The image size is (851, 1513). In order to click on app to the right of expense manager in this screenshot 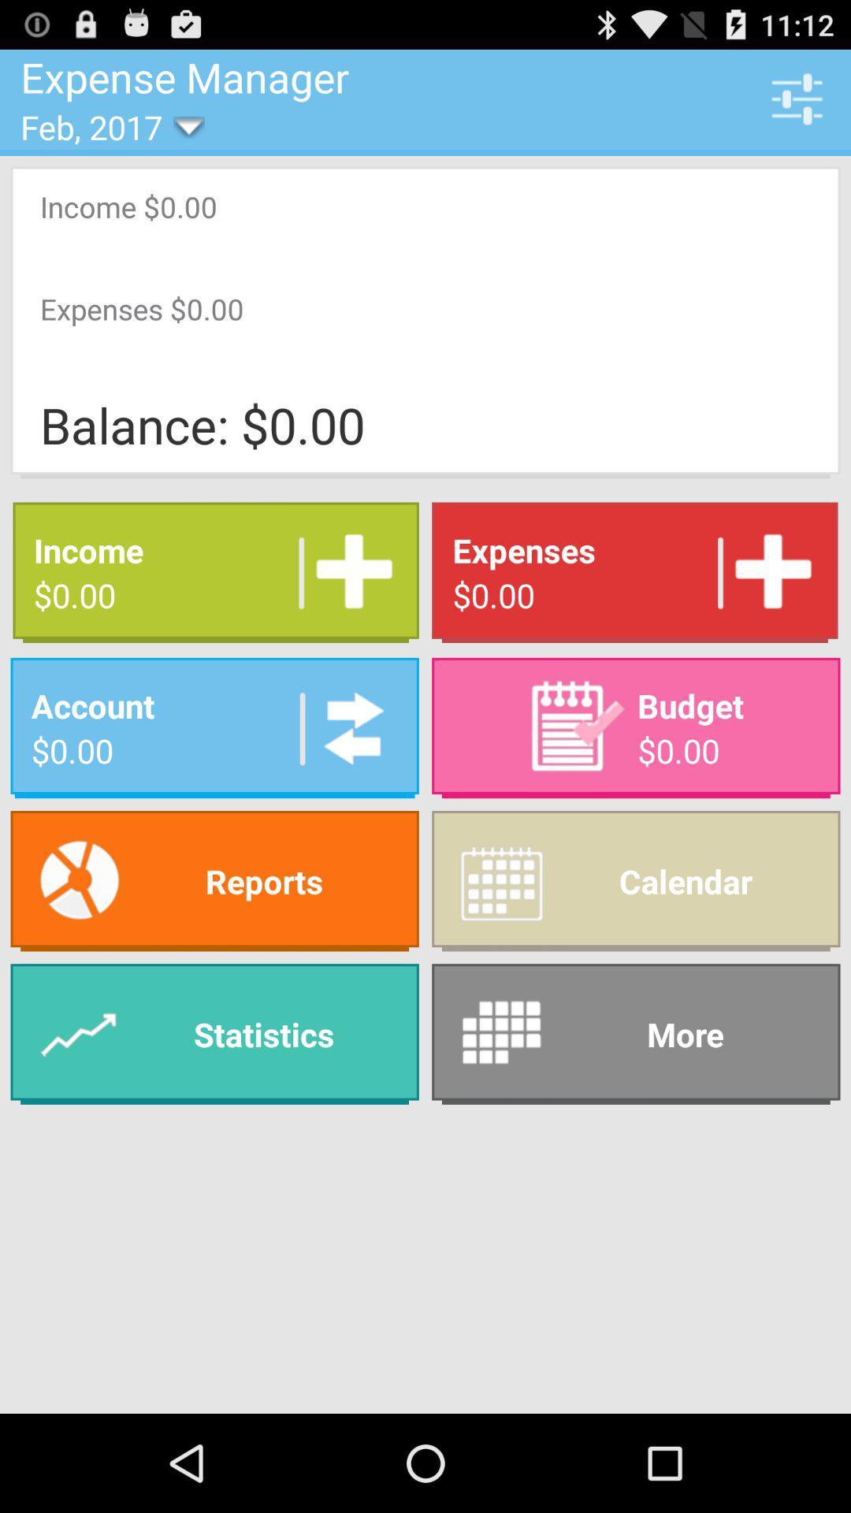, I will do `click(797, 98)`.